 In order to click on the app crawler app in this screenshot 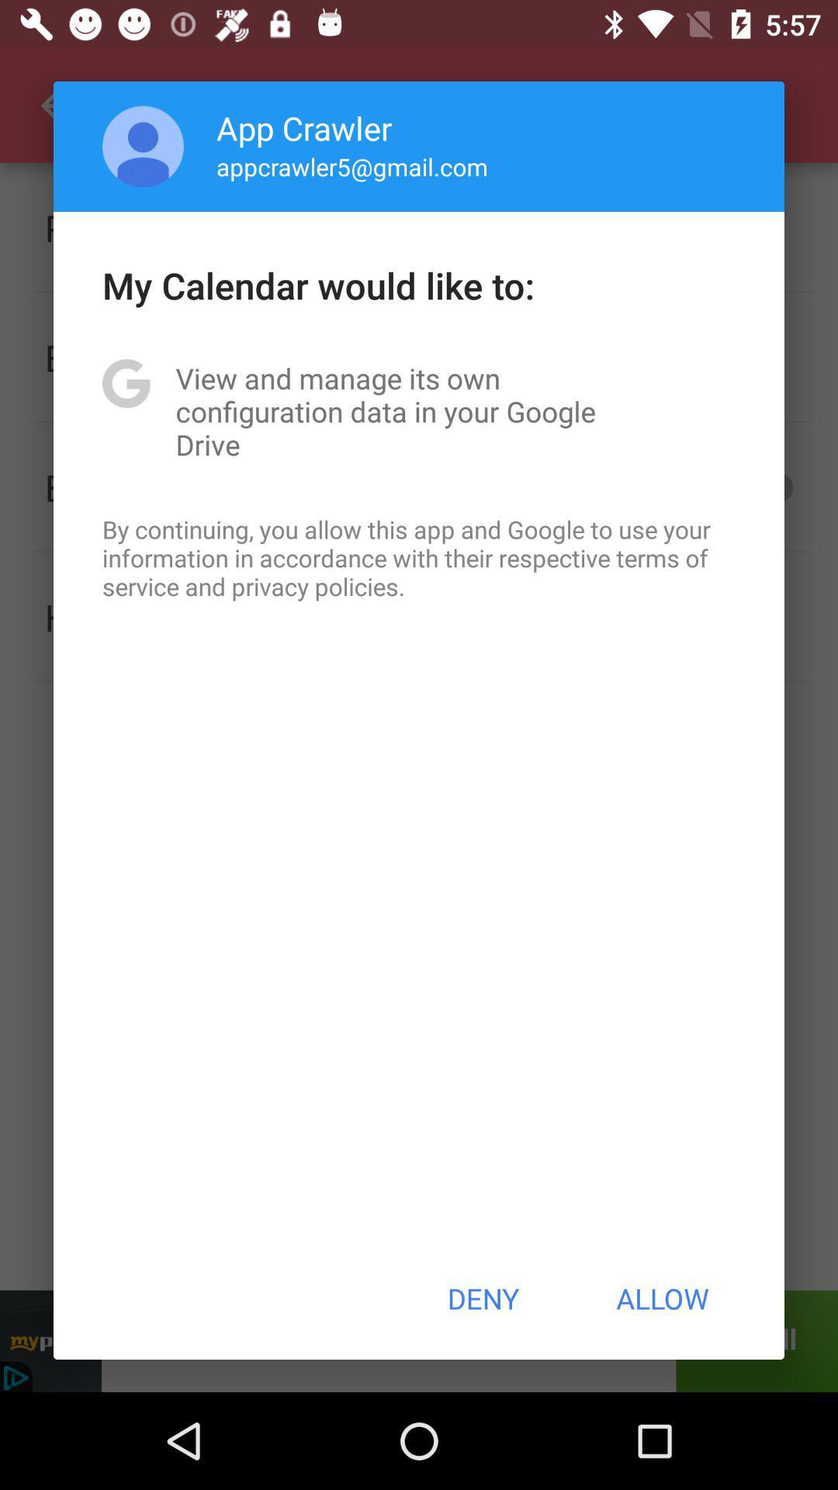, I will do `click(304, 127)`.